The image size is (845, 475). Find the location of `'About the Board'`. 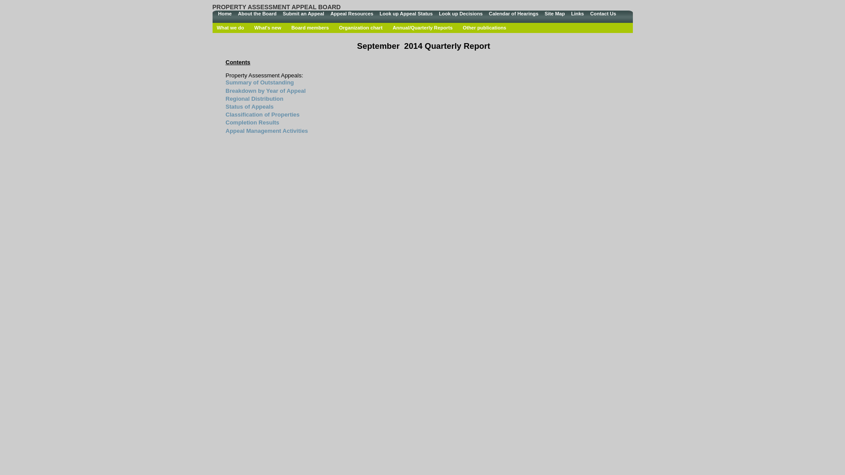

'About the Board' is located at coordinates (257, 14).